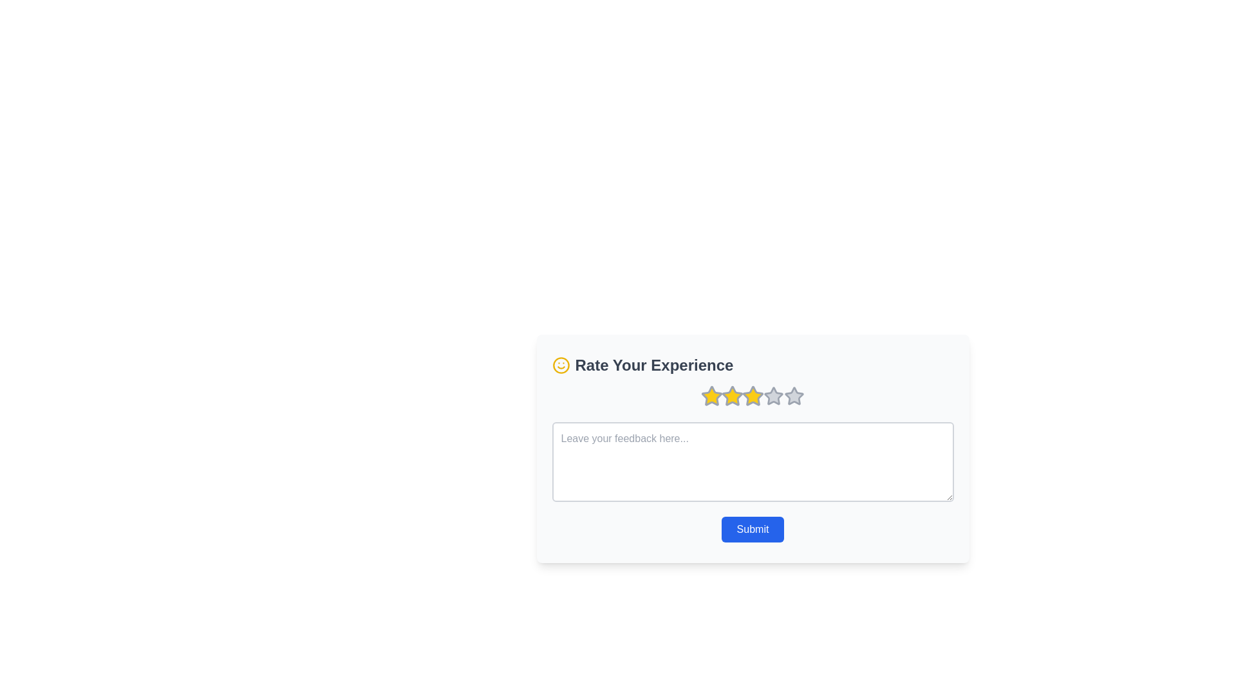  I want to click on the fifth star icon used for rating functionality, so click(793, 394).